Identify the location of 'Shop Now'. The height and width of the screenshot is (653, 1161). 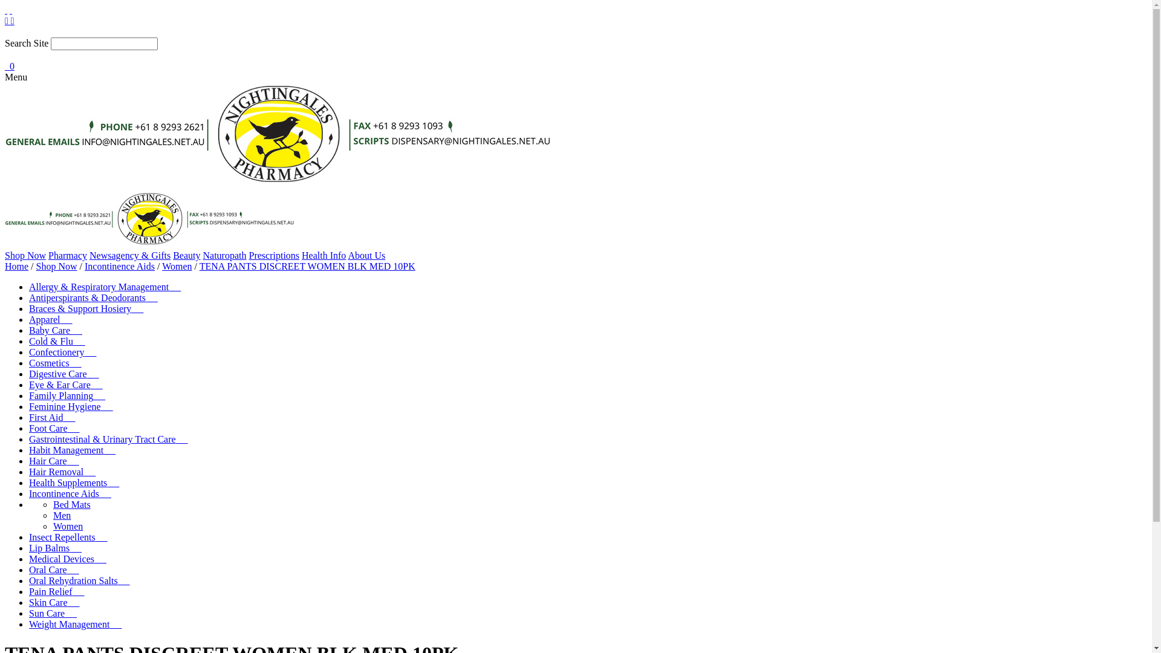
(56, 265).